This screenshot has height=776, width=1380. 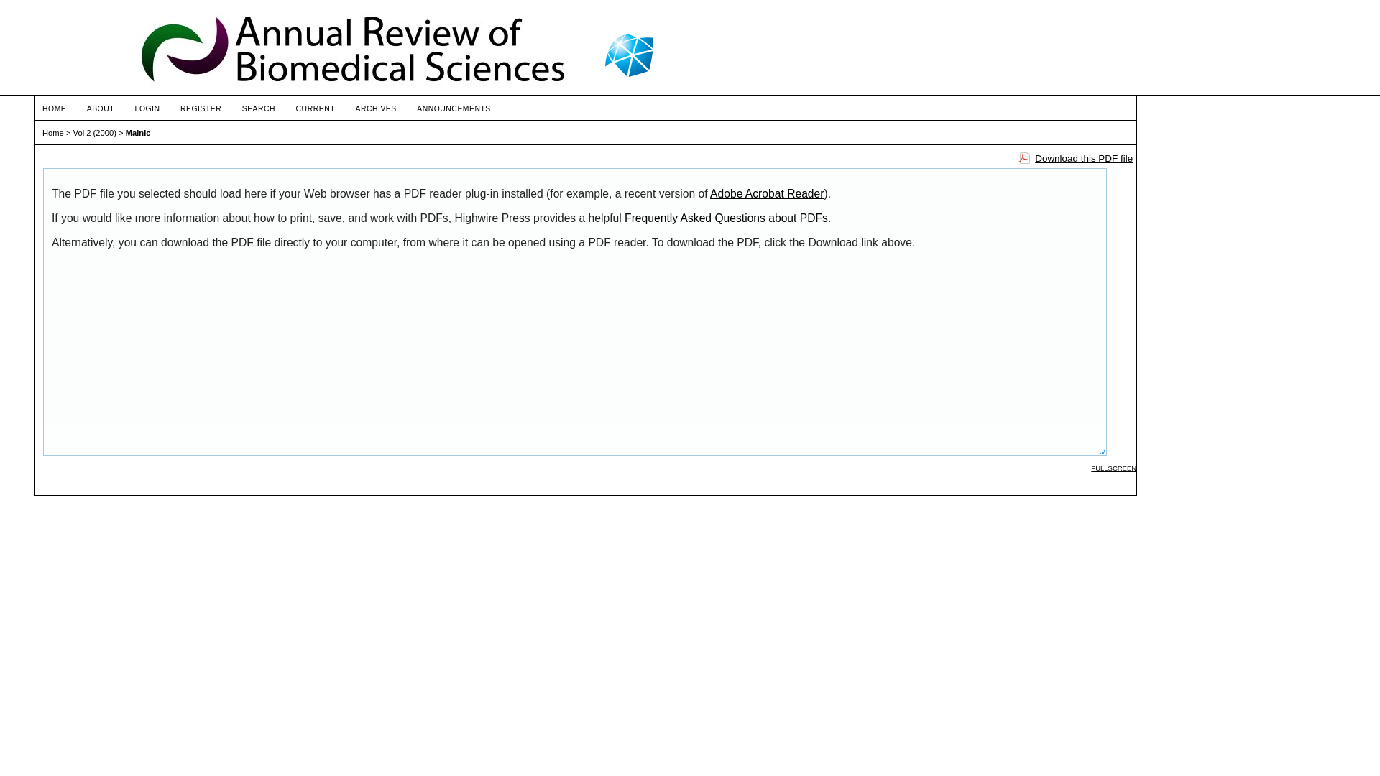 I want to click on 'FULLSCREEN', so click(x=1113, y=468).